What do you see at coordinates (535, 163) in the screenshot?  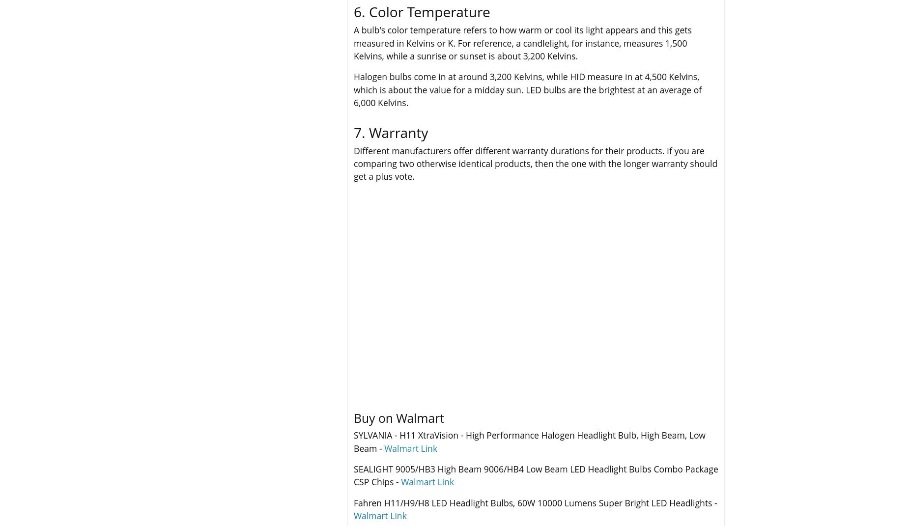 I see `'Different manufacturers offer different warranty durations for their products. If you are comparing two otherwise identical products, then the one with the longer warranty should get a plus vote.'` at bounding box center [535, 163].